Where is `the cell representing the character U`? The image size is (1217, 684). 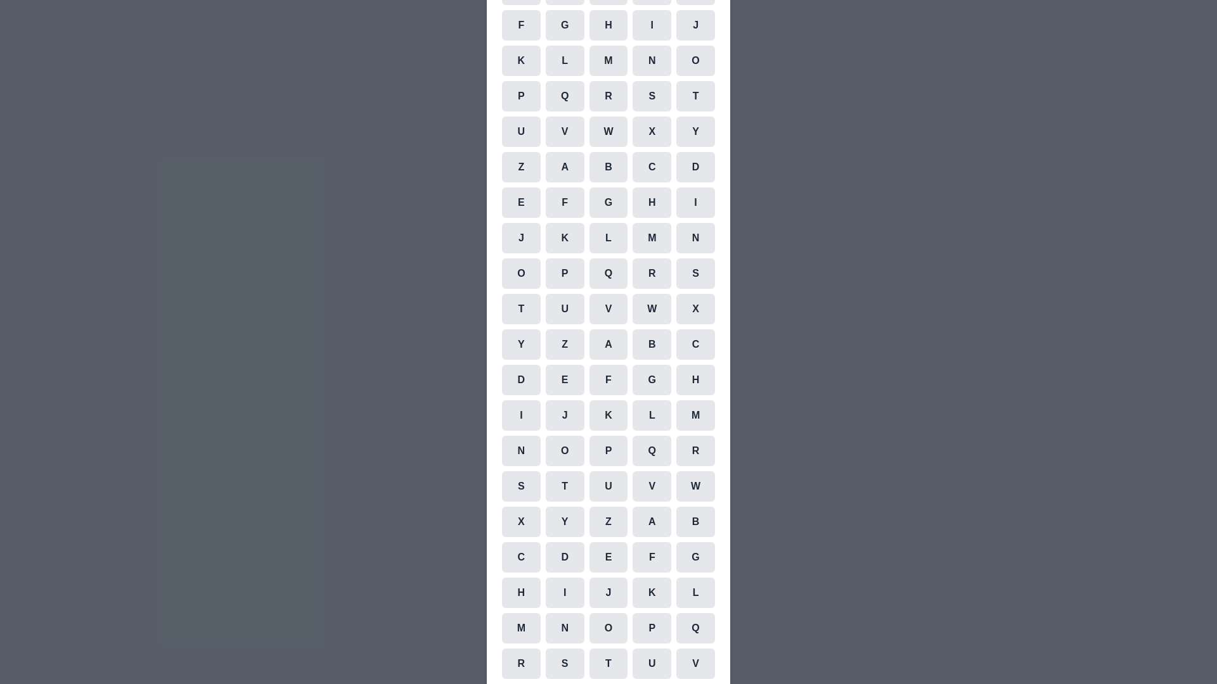
the cell representing the character U is located at coordinates (520, 132).